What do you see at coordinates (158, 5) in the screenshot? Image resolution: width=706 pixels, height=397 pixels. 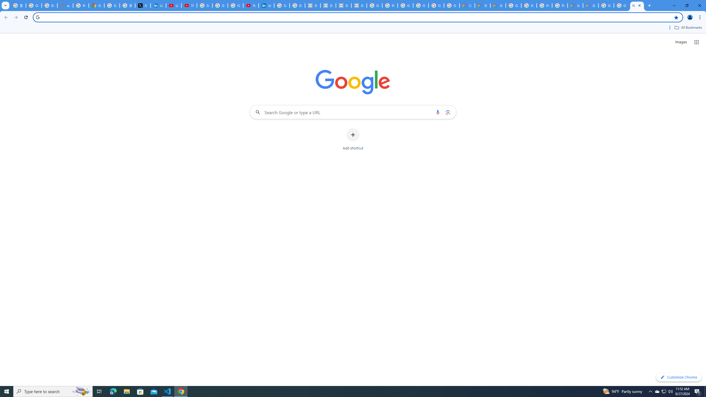 I see `'LinkedIn Privacy Policy'` at bounding box center [158, 5].